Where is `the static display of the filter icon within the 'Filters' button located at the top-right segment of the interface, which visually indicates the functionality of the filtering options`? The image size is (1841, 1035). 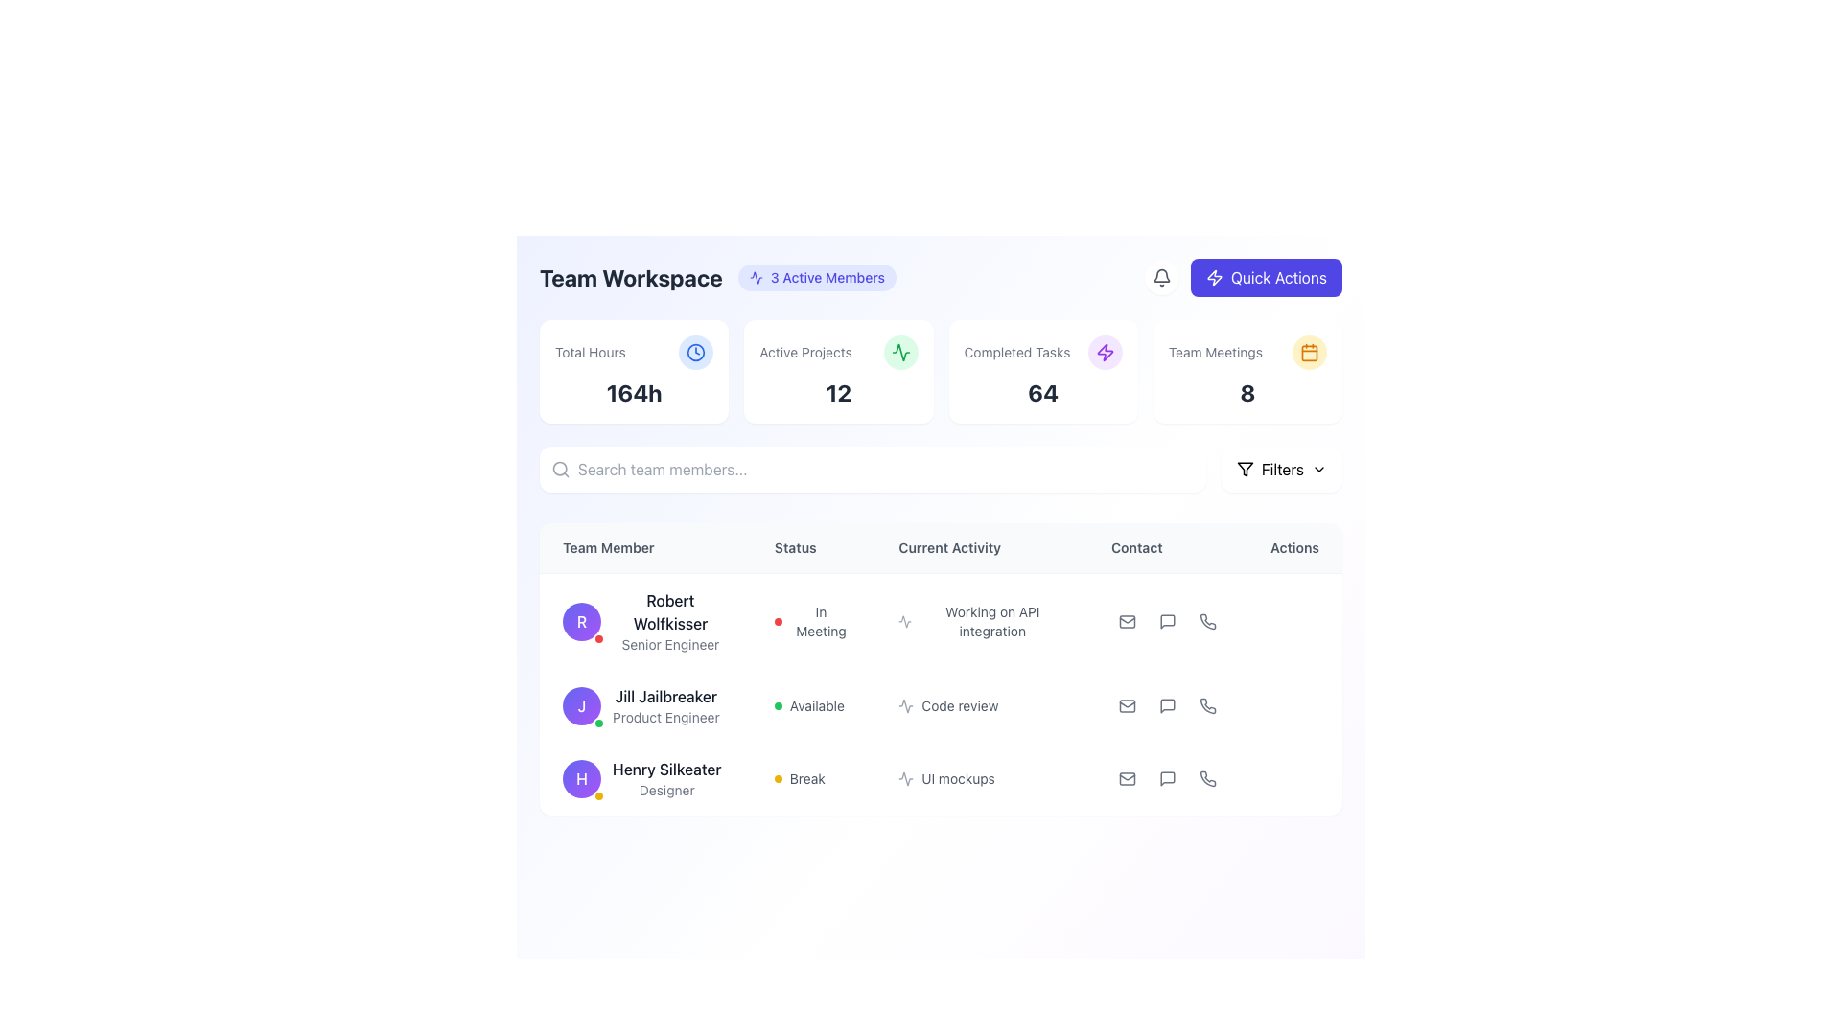 the static display of the filter icon within the 'Filters' button located at the top-right segment of the interface, which visually indicates the functionality of the filtering options is located at coordinates (1245, 469).